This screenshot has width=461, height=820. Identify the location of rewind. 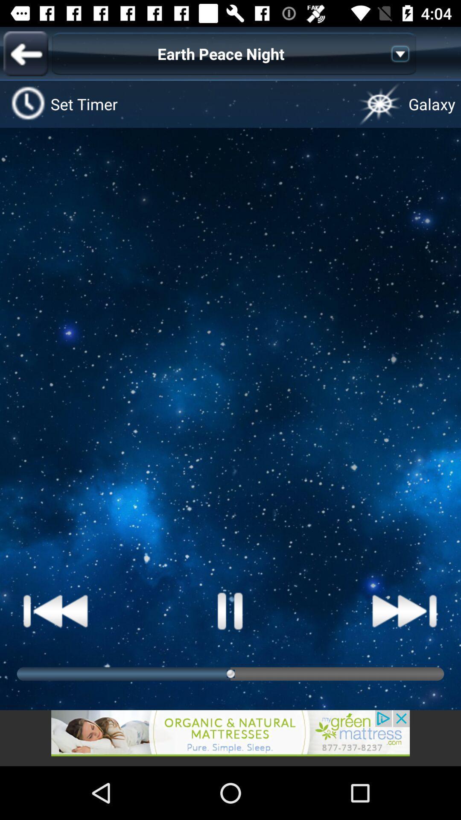
(56, 610).